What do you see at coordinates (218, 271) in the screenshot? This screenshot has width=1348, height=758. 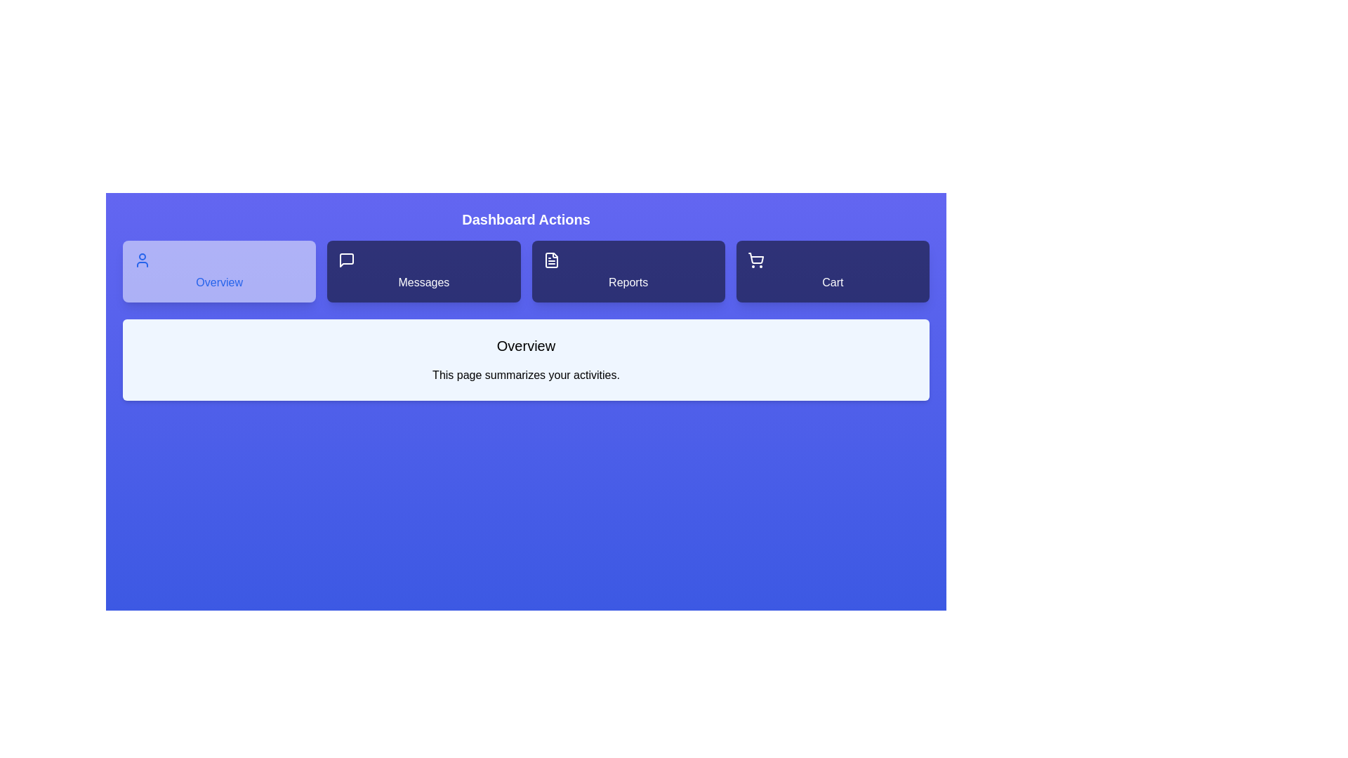 I see `the Overview tab to view its content` at bounding box center [218, 271].